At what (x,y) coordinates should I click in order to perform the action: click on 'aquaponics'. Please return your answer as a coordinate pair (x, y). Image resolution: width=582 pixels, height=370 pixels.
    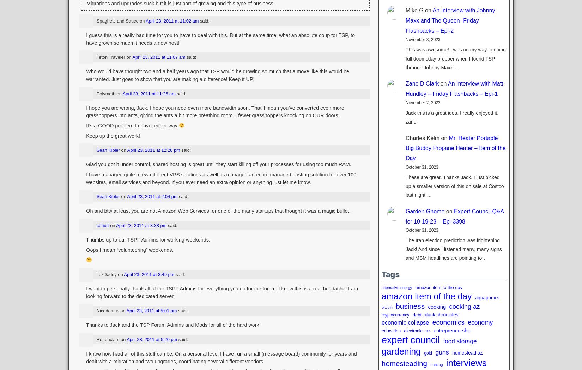
    Looking at the image, I should click on (487, 297).